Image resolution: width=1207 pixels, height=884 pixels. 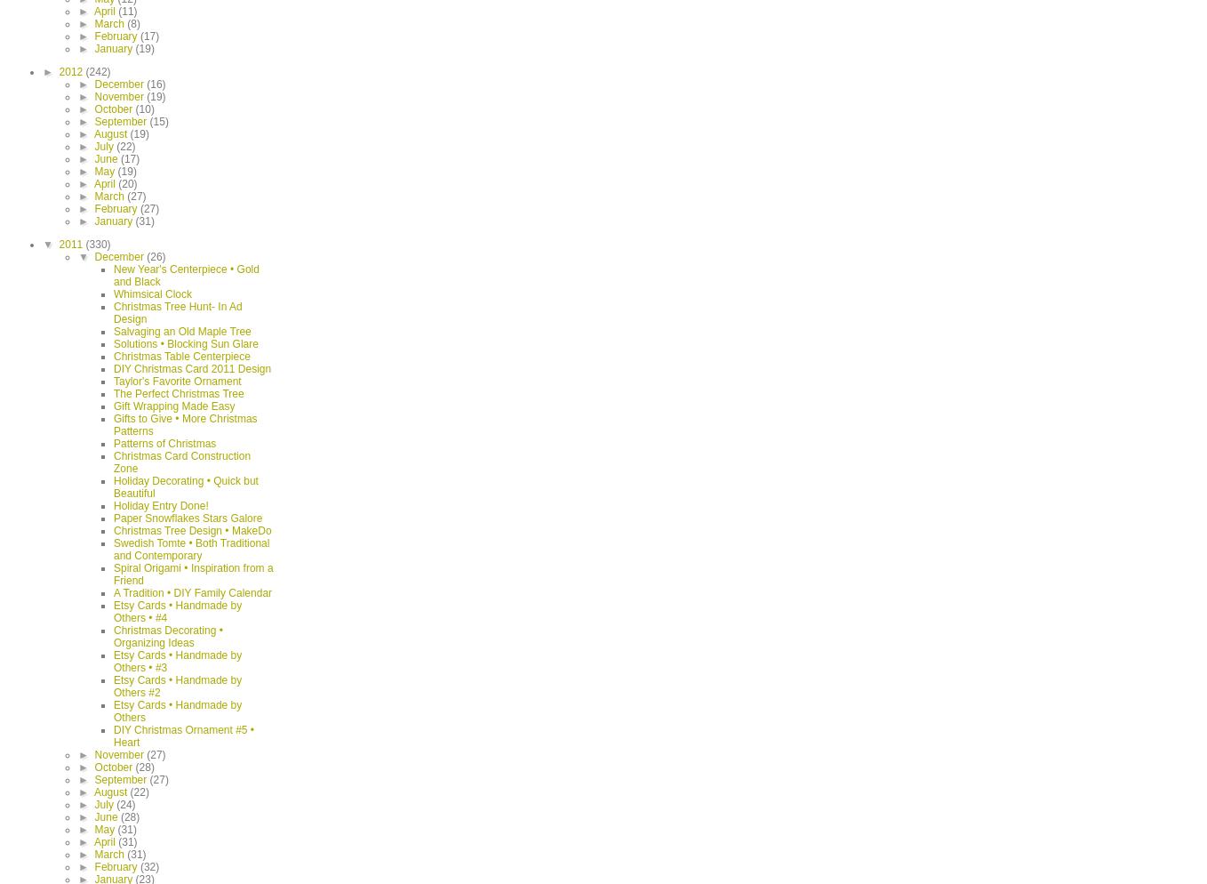 I want to click on '(16)', so click(x=156, y=84).